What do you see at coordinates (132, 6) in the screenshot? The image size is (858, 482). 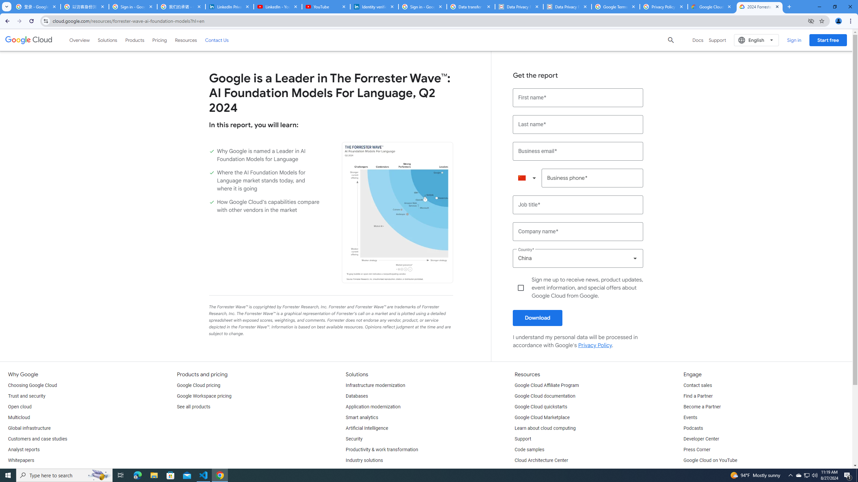 I see `'Sign in - Google Accounts'` at bounding box center [132, 6].